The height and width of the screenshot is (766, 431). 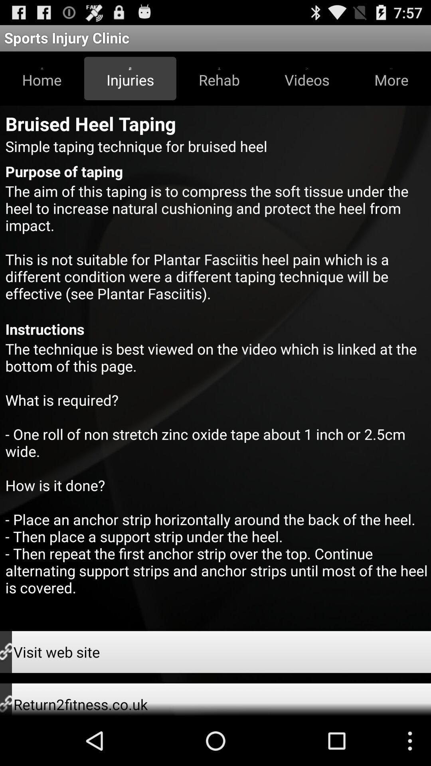 I want to click on the icon next to rehab item, so click(x=306, y=78).